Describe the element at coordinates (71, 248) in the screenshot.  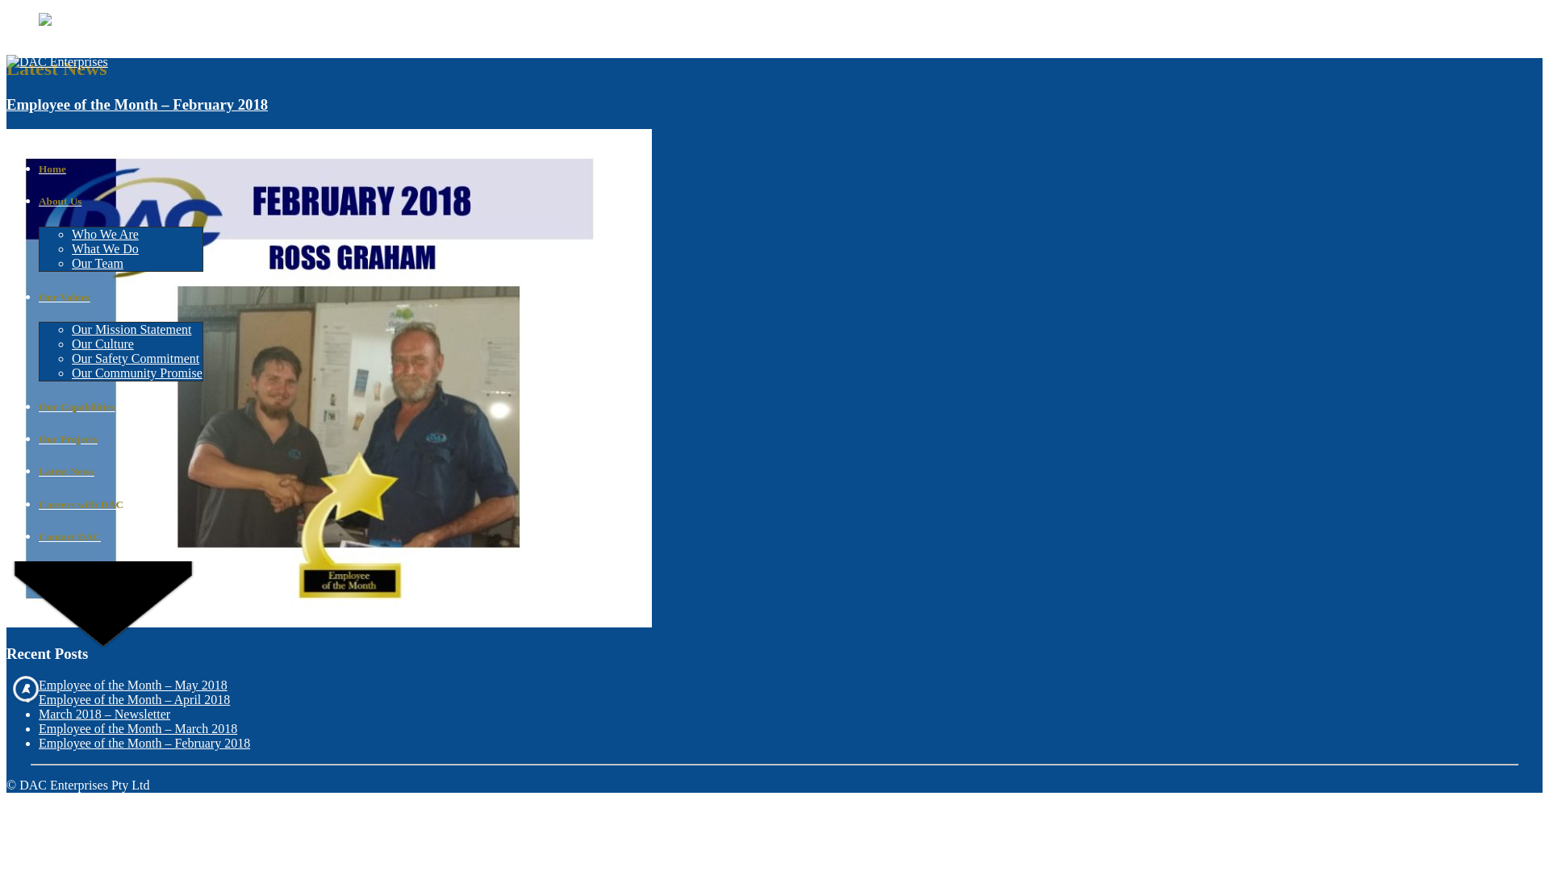
I see `'What We Do'` at that location.